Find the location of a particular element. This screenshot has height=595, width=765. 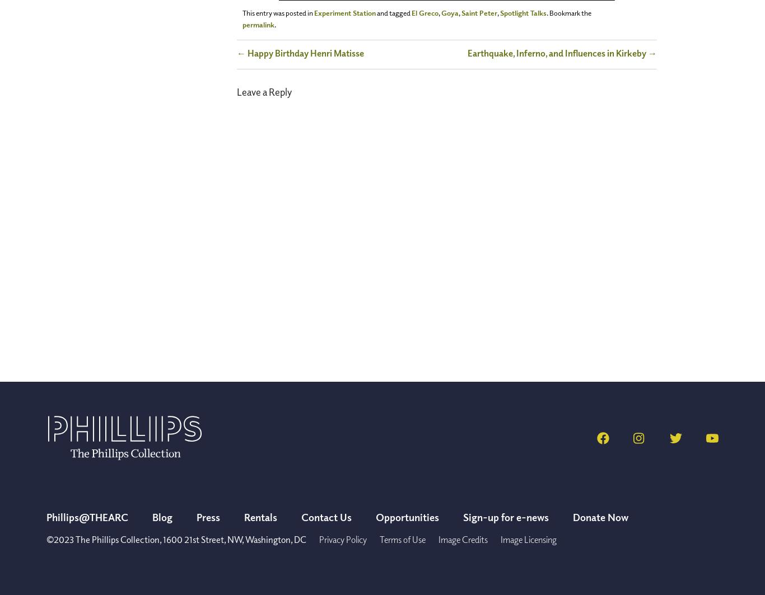

'Leave a Reply' is located at coordinates (264, 91).